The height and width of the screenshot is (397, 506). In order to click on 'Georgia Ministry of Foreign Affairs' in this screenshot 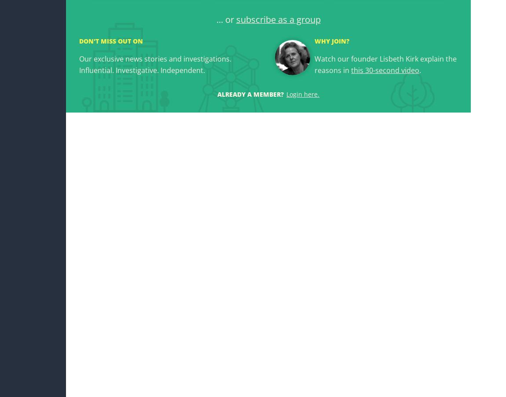, I will do `click(415, 348)`.